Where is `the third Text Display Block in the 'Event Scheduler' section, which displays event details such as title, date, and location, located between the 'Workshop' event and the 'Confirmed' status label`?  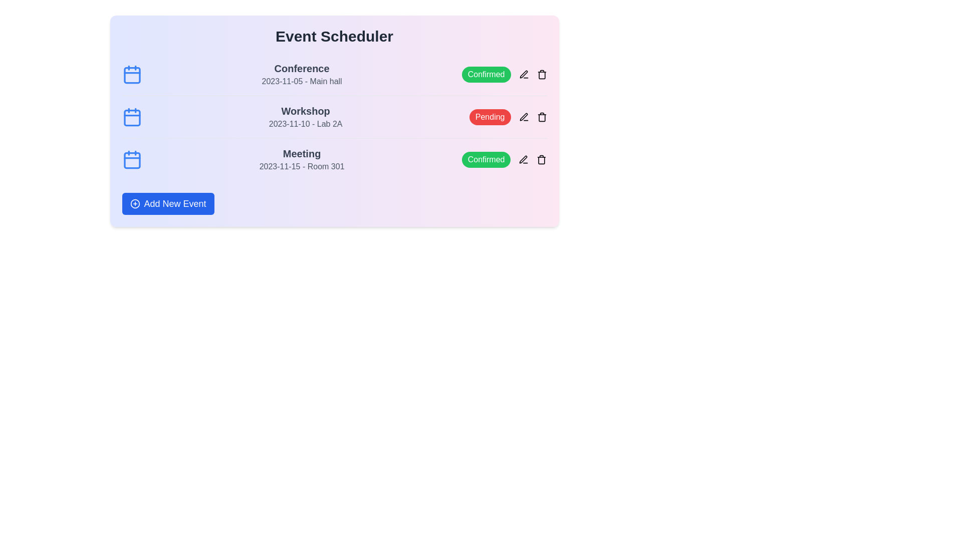 the third Text Display Block in the 'Event Scheduler' section, which displays event details such as title, date, and location, located between the 'Workshop' event and the 'Confirmed' status label is located at coordinates (301, 159).